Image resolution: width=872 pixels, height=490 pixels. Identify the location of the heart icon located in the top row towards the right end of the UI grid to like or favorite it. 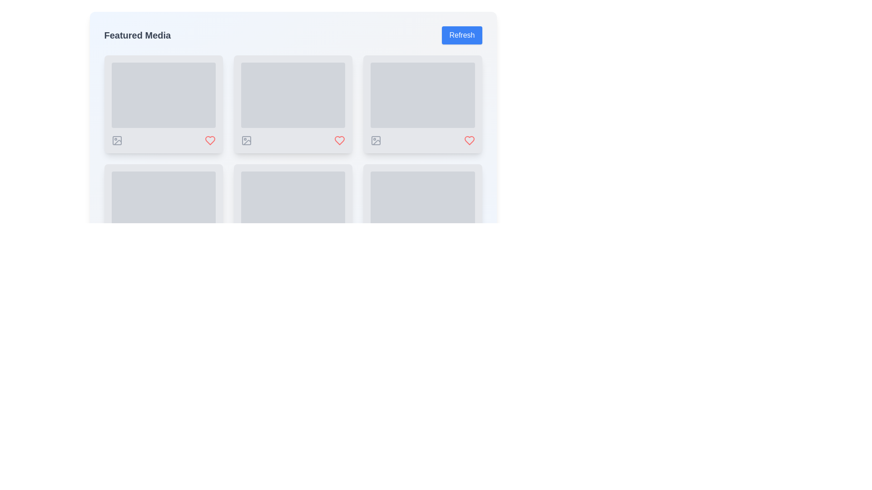
(469, 140).